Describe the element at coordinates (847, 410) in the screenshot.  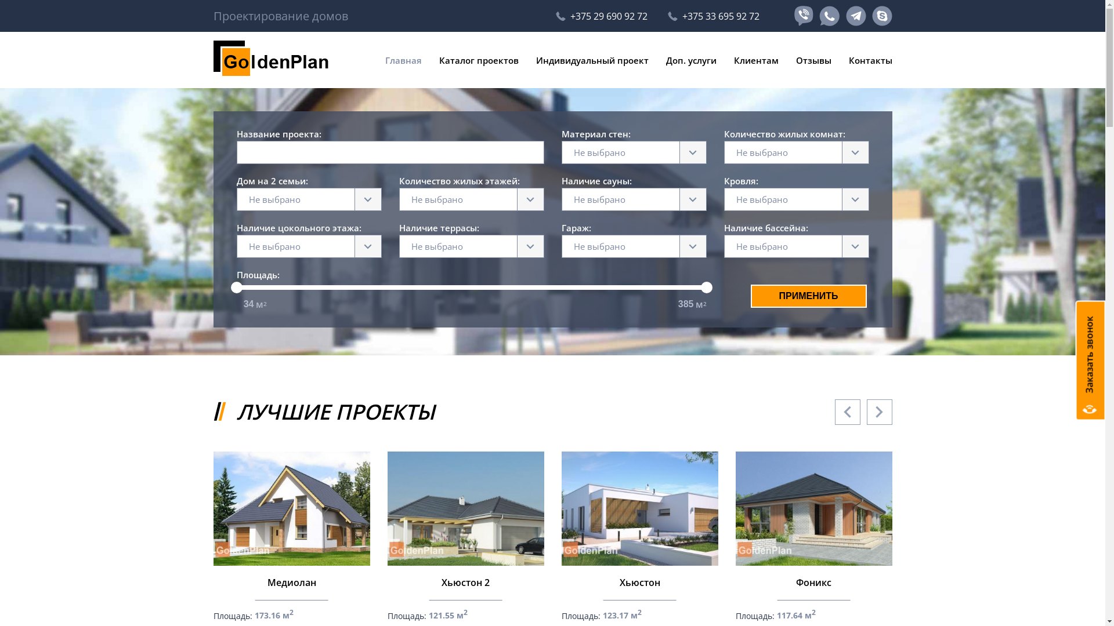
I see `'Previous'` at that location.